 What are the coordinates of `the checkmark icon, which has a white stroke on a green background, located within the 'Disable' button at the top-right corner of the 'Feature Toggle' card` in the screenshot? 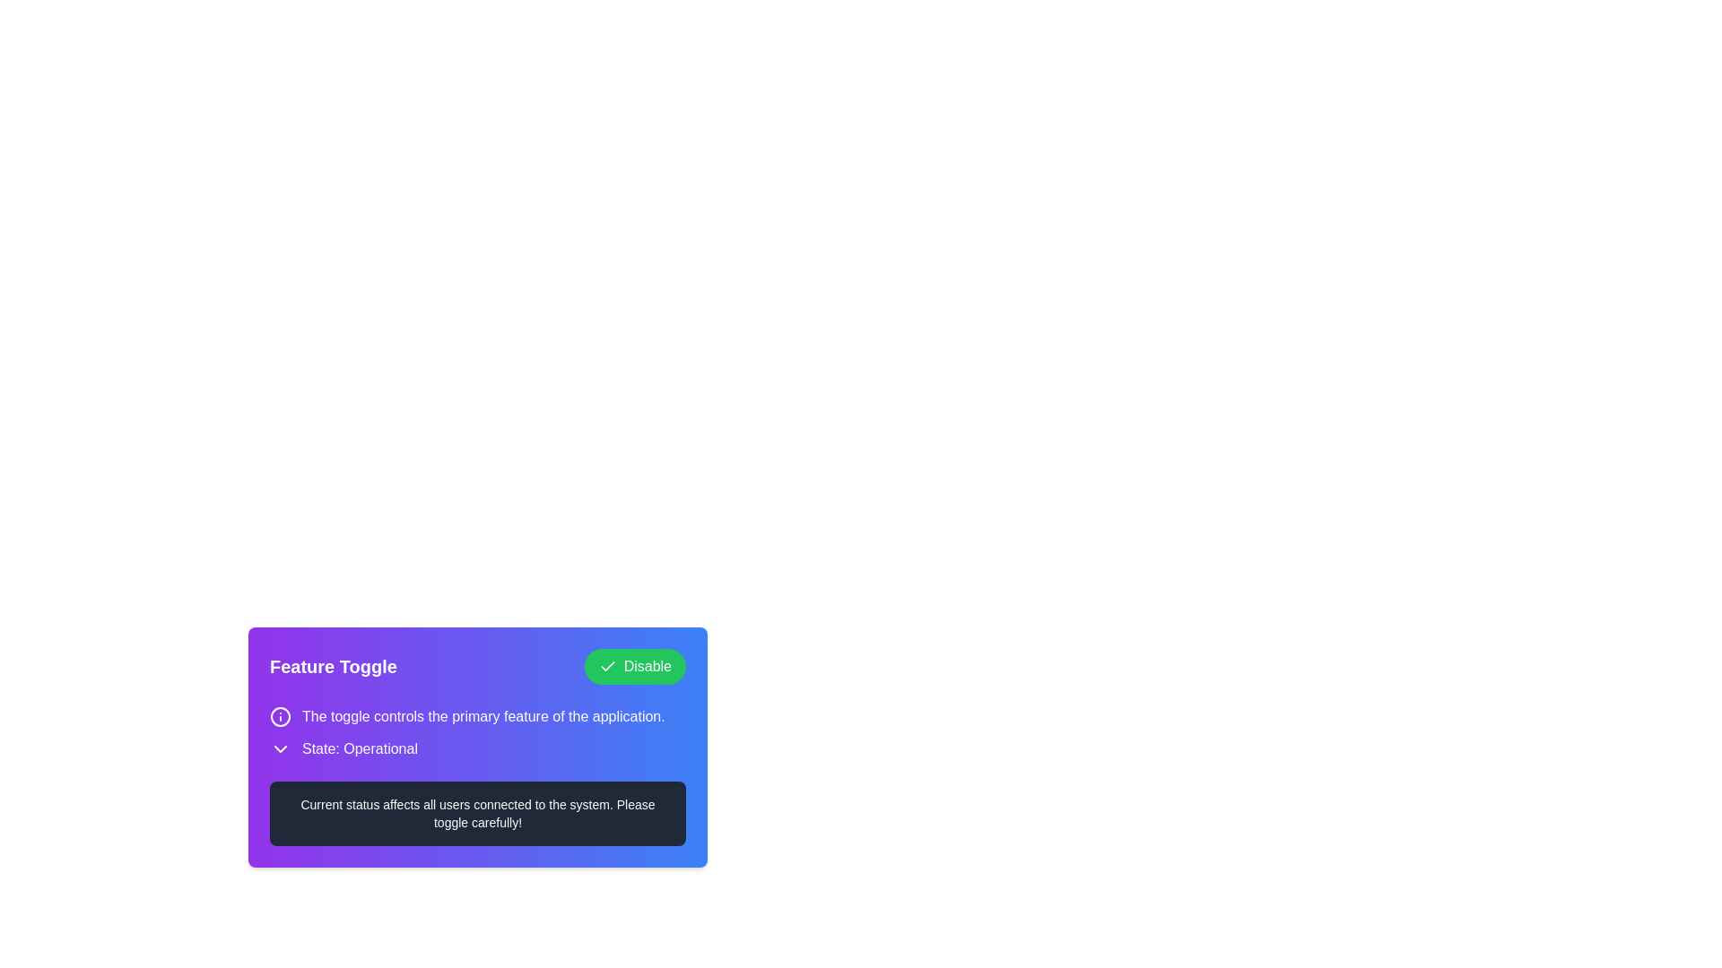 It's located at (607, 666).